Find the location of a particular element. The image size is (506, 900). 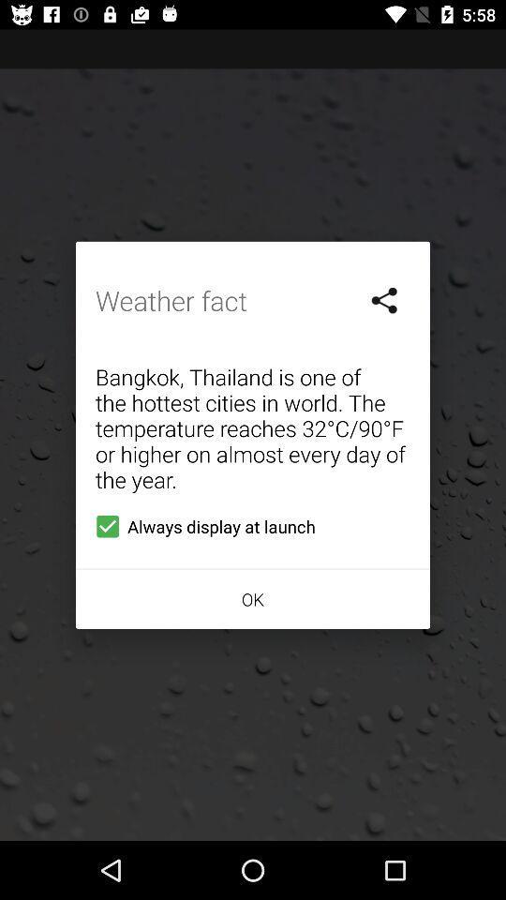

icon above the bangkok thailand is item is located at coordinates (384, 300).